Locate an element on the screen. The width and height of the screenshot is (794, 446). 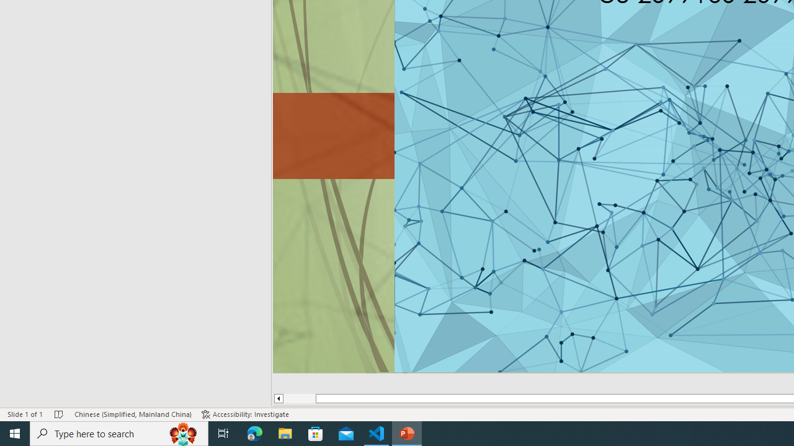
'Spell Check No Errors' is located at coordinates (59, 414).